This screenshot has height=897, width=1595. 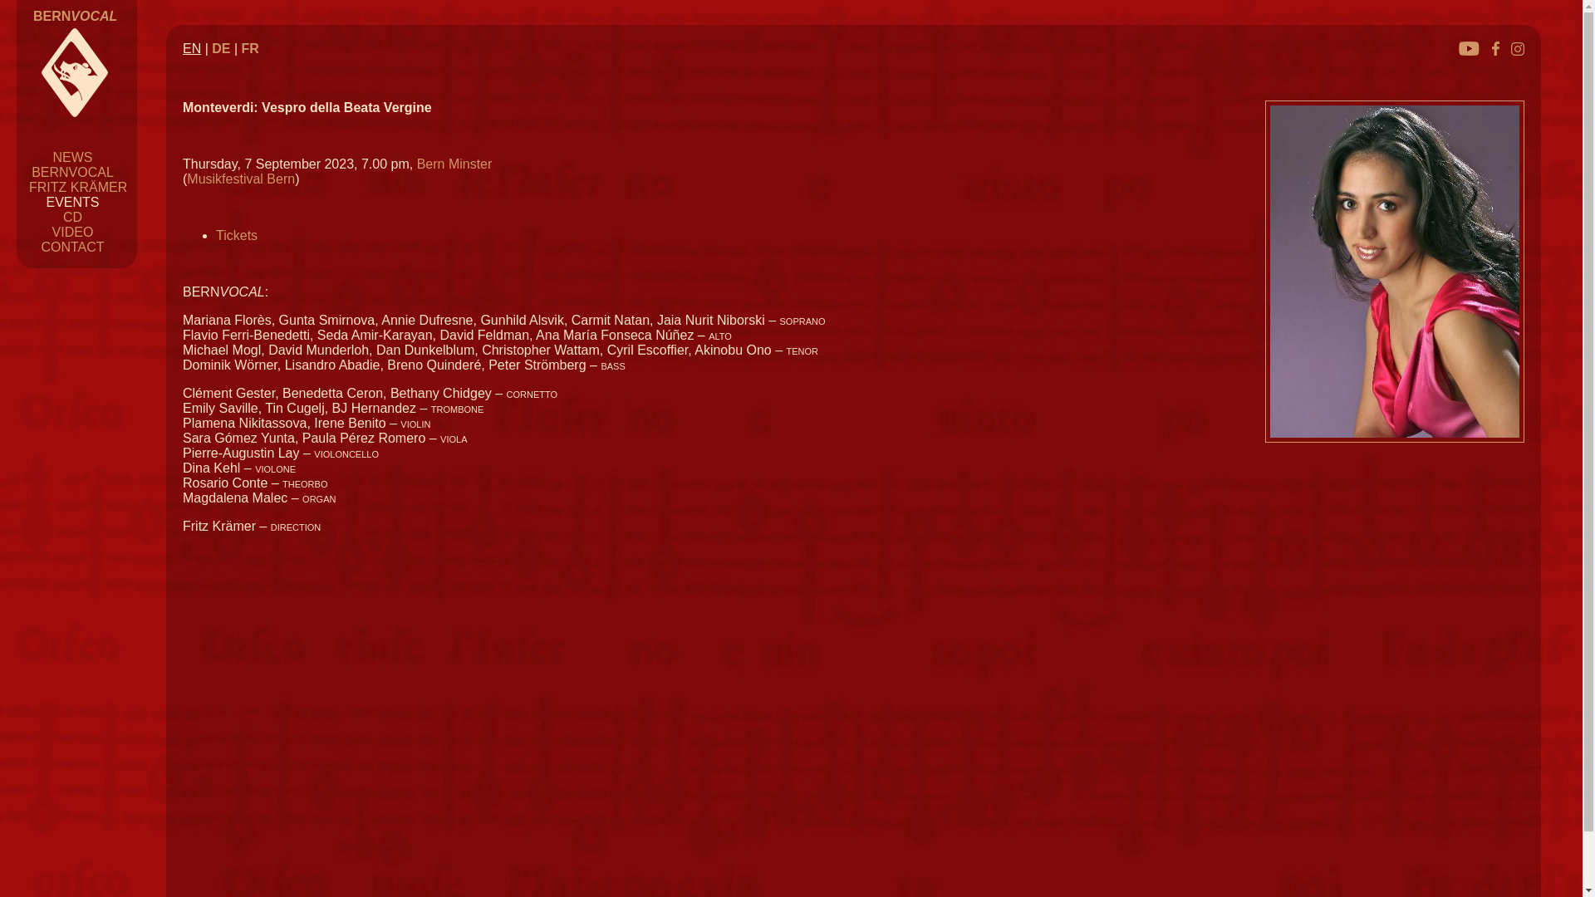 What do you see at coordinates (210, 47) in the screenshot?
I see `'DE'` at bounding box center [210, 47].